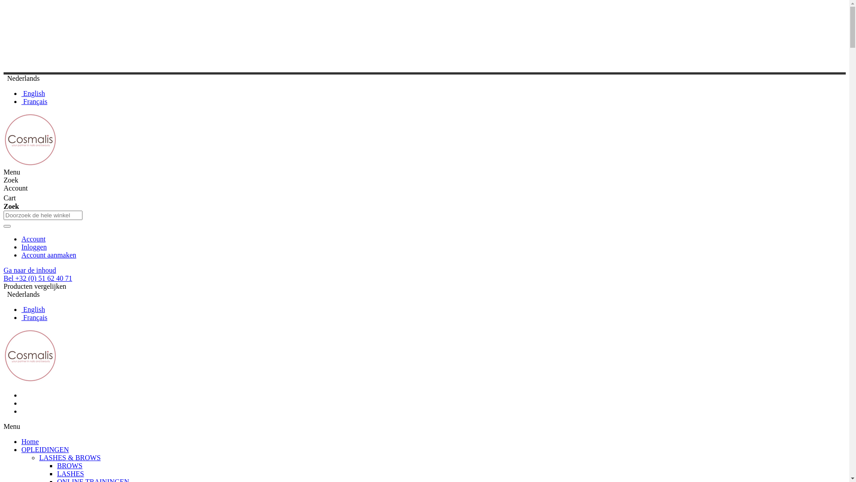 The height and width of the screenshot is (482, 856). Describe the element at coordinates (30, 270) in the screenshot. I see `'Ga naar de inhoud'` at that location.